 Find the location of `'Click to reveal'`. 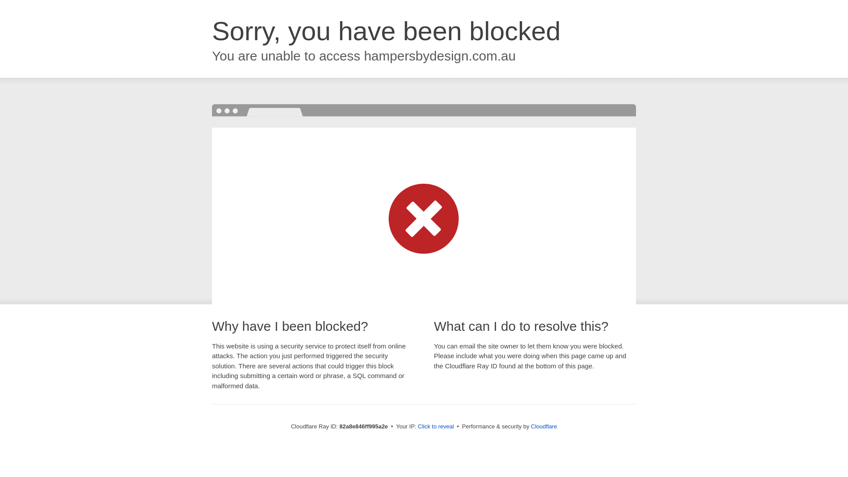

'Click to reveal' is located at coordinates (436, 426).